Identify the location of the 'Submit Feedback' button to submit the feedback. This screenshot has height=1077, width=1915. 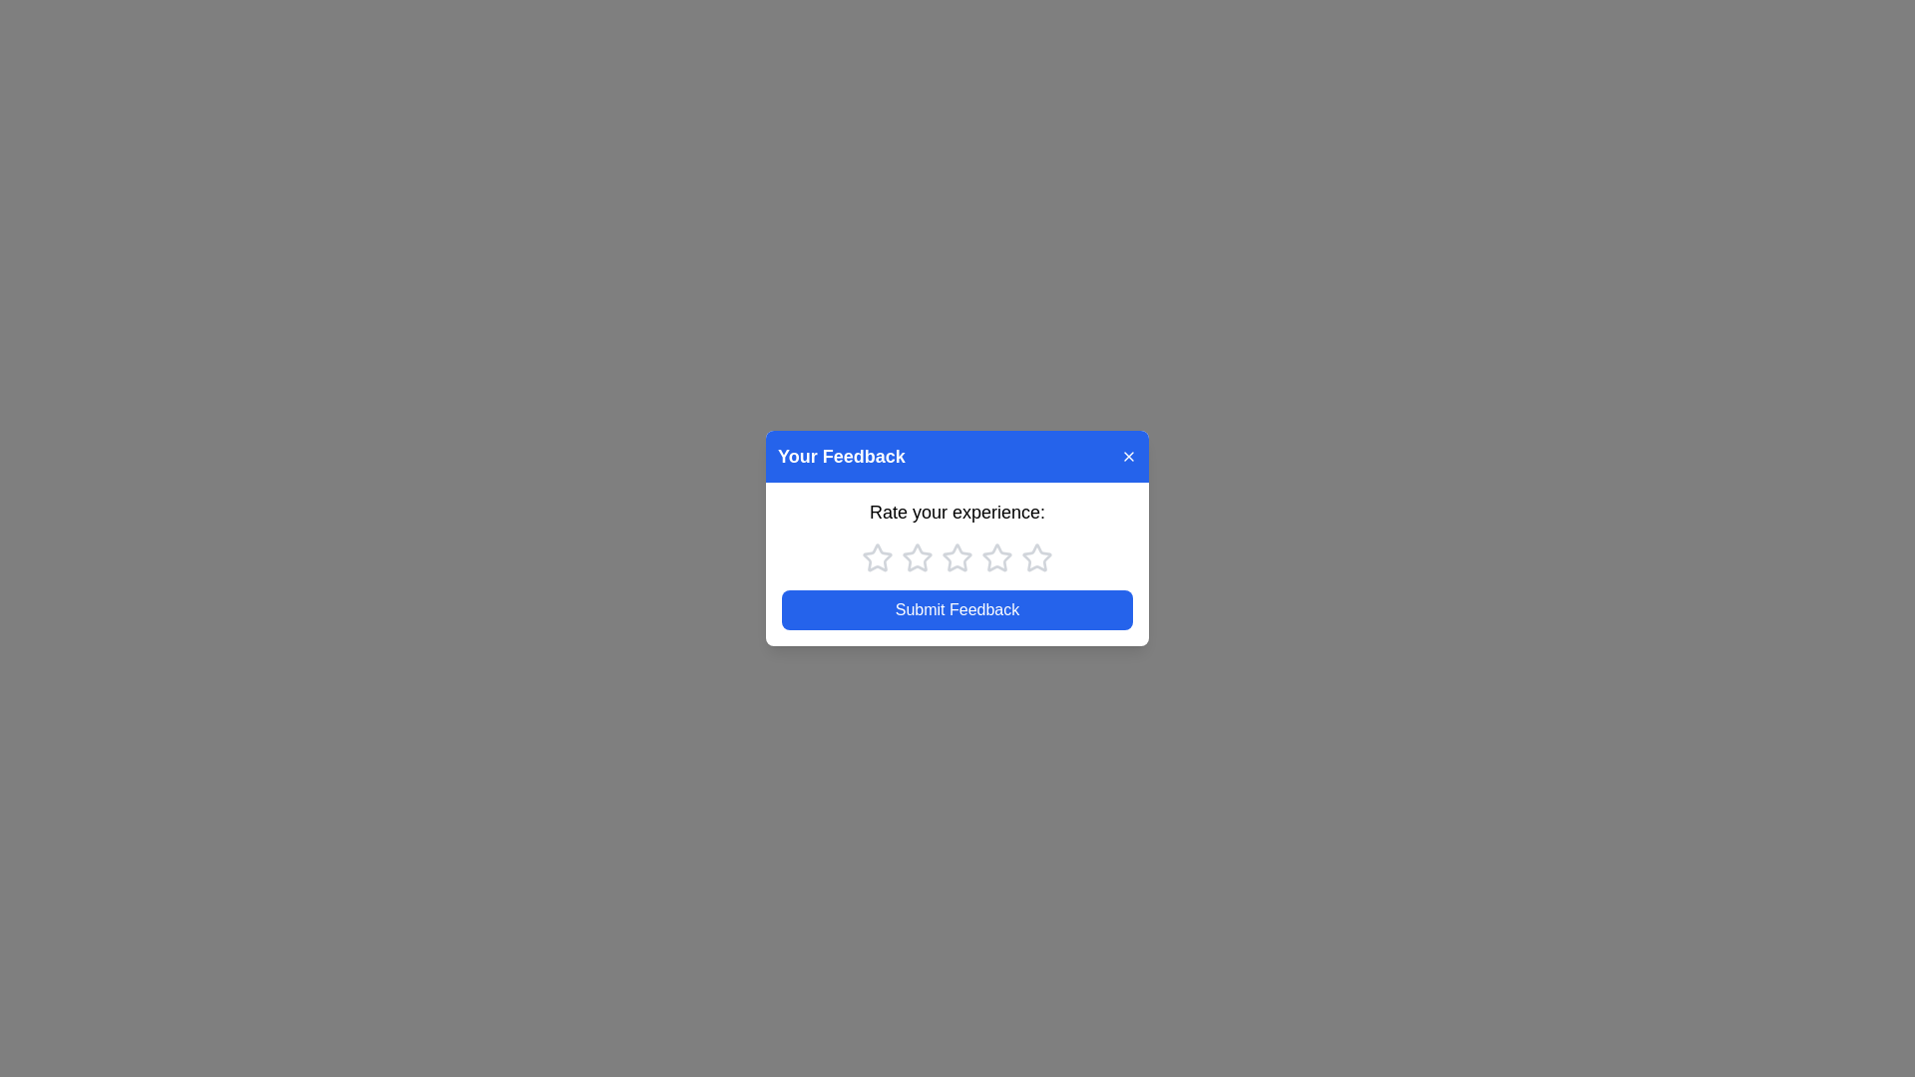
(957, 609).